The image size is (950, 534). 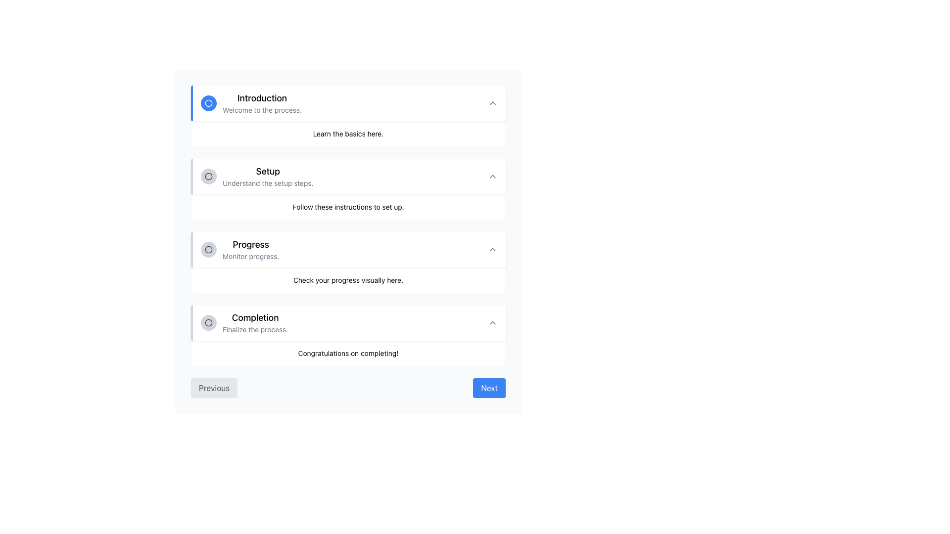 I want to click on the informational label and marker element located in the bottom section of the layout, under the 'Progress' section, so click(x=244, y=322).